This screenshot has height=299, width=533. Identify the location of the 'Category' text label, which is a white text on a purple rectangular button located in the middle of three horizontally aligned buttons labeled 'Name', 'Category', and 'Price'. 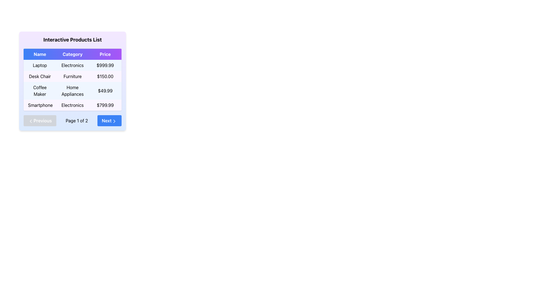
(72, 54).